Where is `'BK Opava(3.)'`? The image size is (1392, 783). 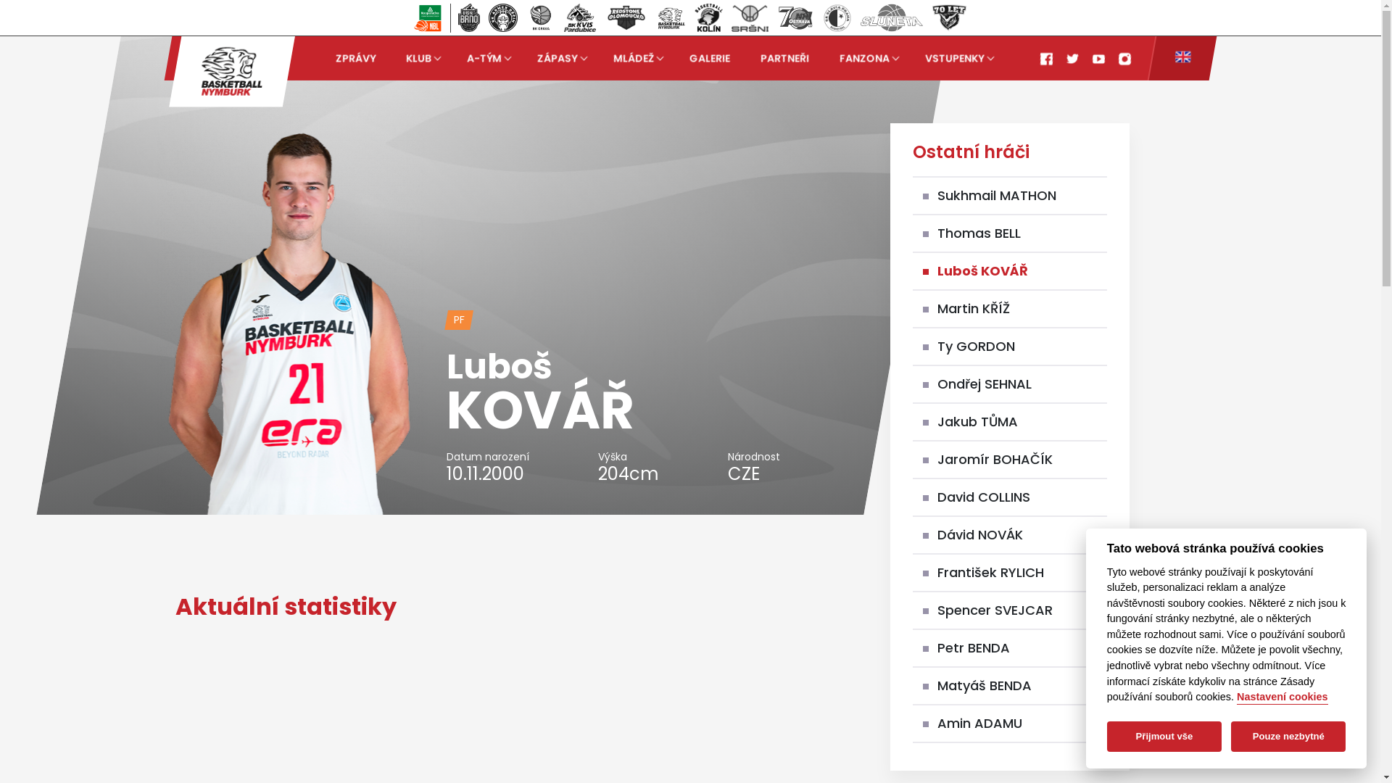
'BK Opava(3.)' is located at coordinates (539, 17).